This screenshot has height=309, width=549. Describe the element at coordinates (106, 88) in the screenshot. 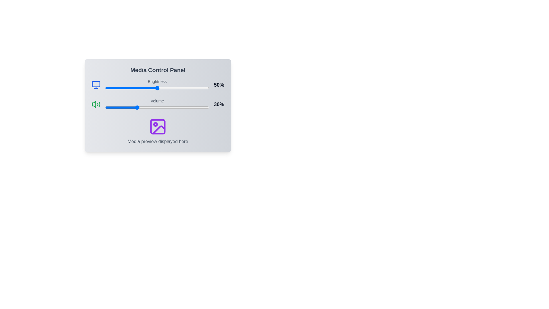

I see `the brightness slider to set the brightness level to 1` at that location.